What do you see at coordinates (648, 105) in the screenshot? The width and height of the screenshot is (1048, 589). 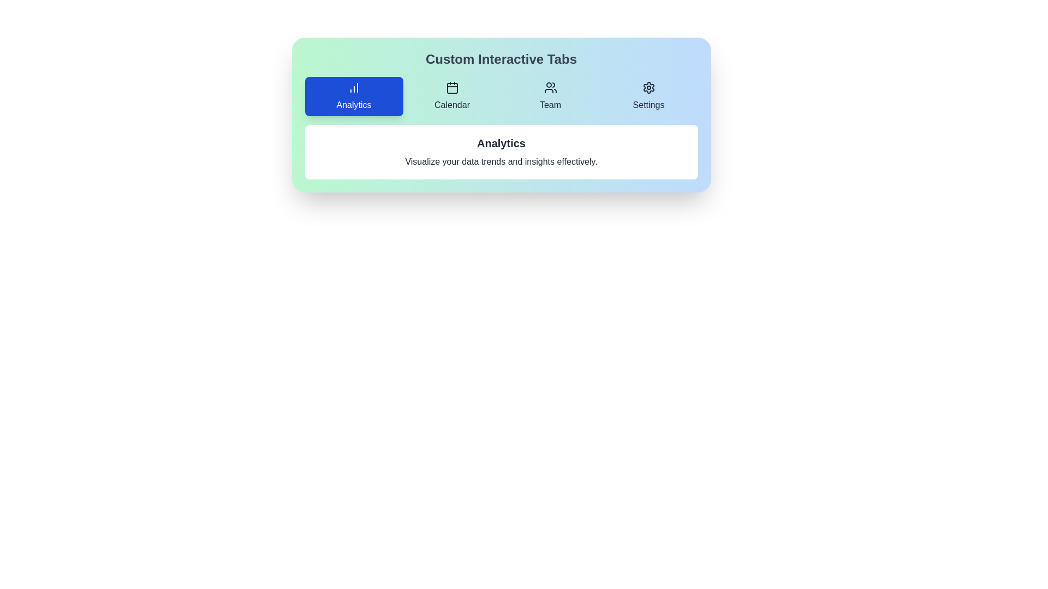 I see `the Text label that provides context for the 'Settings' icon located under the gear icon on the right side of the horizontal navigation bar at the top of the interface` at bounding box center [648, 105].